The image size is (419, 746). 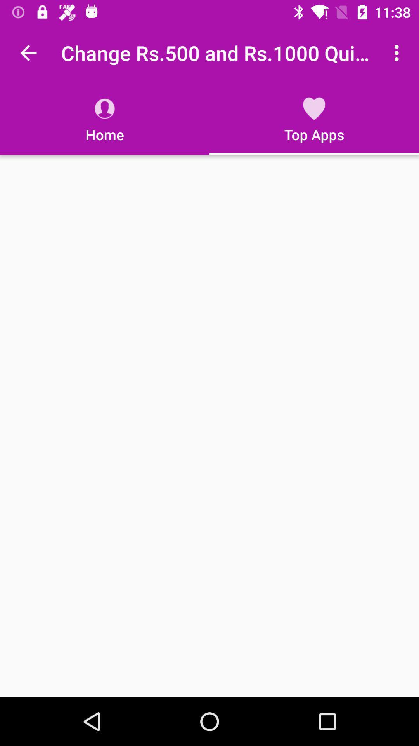 What do you see at coordinates (398, 52) in the screenshot?
I see `the icon above the top apps item` at bounding box center [398, 52].